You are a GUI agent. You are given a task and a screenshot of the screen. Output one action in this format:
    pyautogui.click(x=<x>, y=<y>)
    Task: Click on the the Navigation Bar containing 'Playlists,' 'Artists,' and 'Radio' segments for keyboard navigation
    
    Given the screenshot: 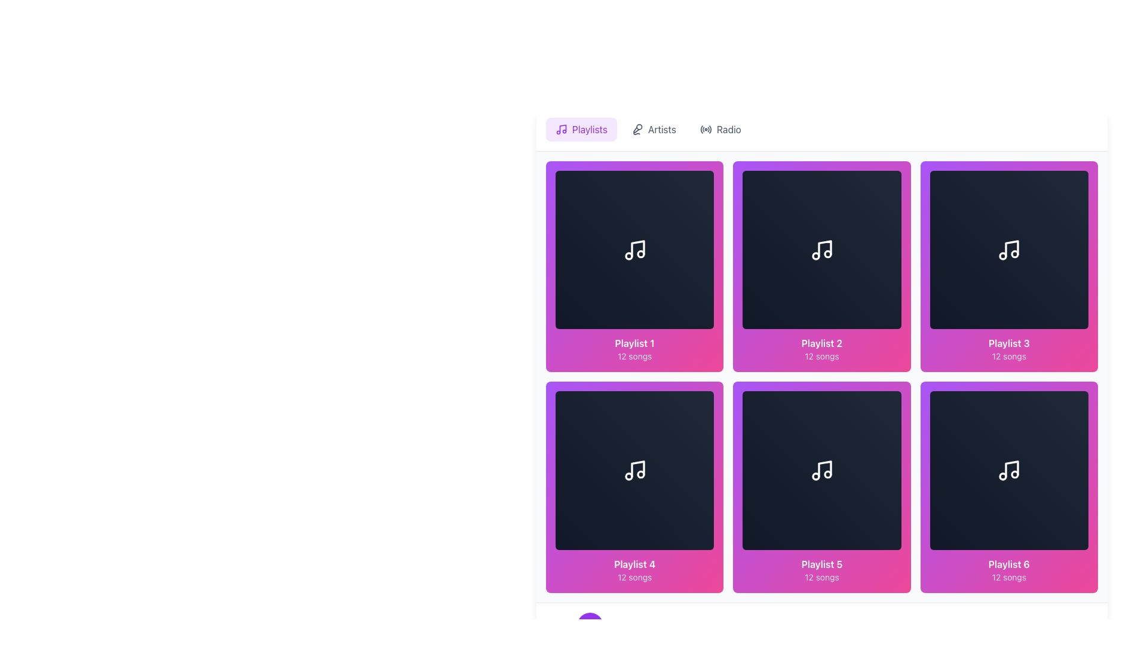 What is the action you would take?
    pyautogui.click(x=821, y=129)
    